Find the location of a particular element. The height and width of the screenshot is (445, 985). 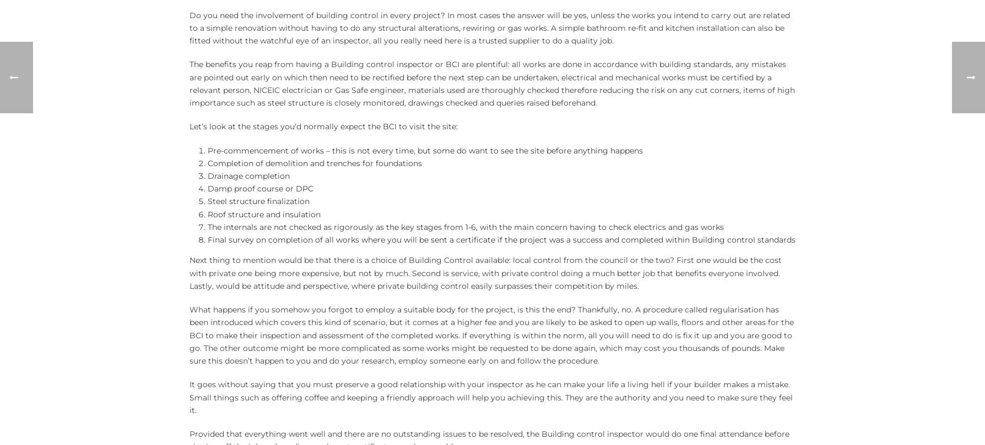

'Damp proof course or DPC' is located at coordinates (260, 189).